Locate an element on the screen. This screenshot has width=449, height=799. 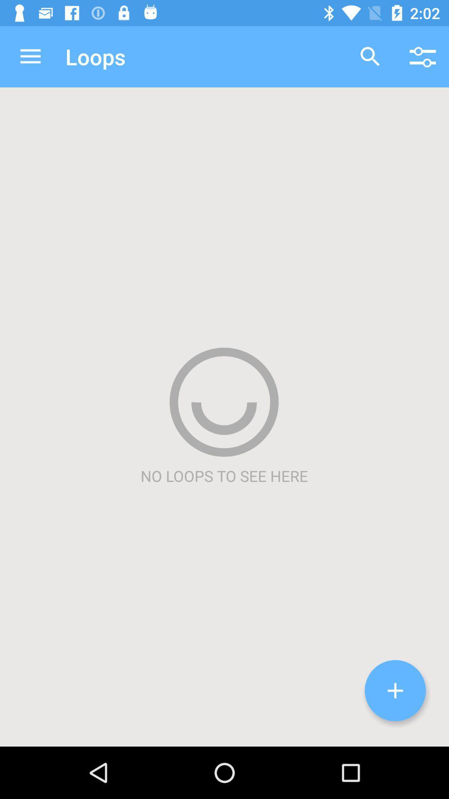
the add icon is located at coordinates (395, 690).